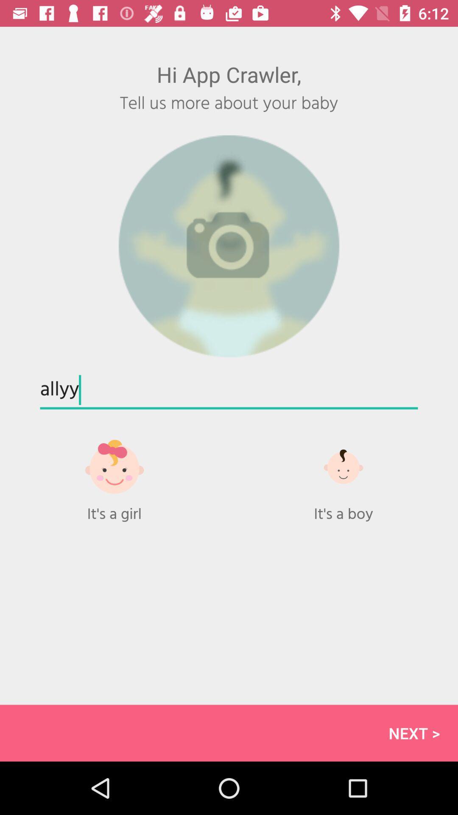 This screenshot has height=815, width=458. I want to click on girl baby, so click(114, 475).